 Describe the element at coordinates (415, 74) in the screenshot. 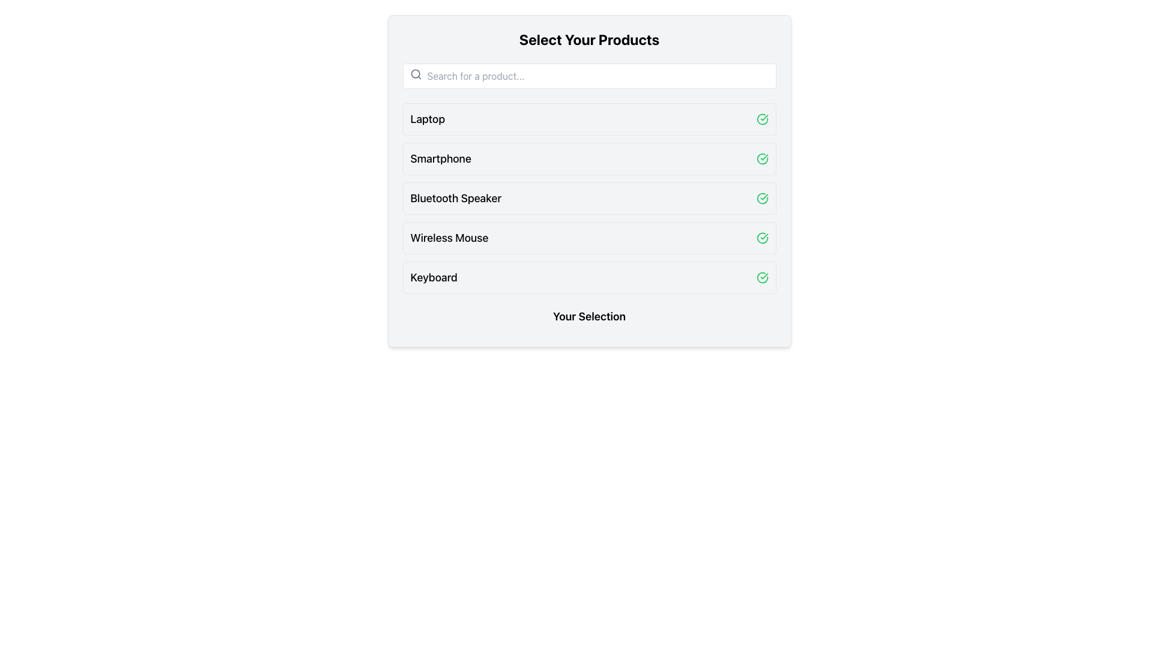

I see `the circular icon component of the magnifying glass located on the left side of the search bar labeled 'Search for a product...'` at that location.